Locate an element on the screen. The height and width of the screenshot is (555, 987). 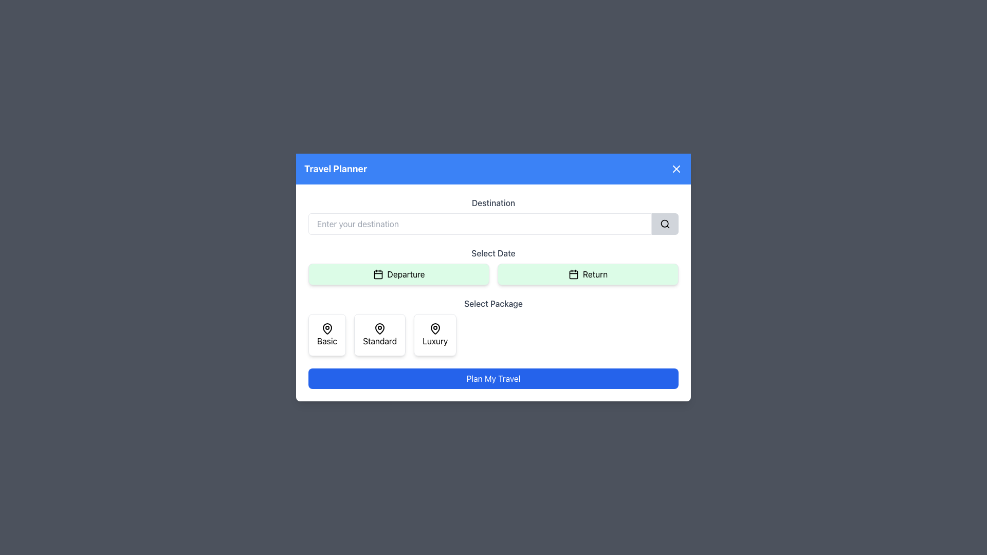
the search button with the magnifying glass icon located at the upper-right corner of the input field labeled 'Destination' is located at coordinates (665, 223).